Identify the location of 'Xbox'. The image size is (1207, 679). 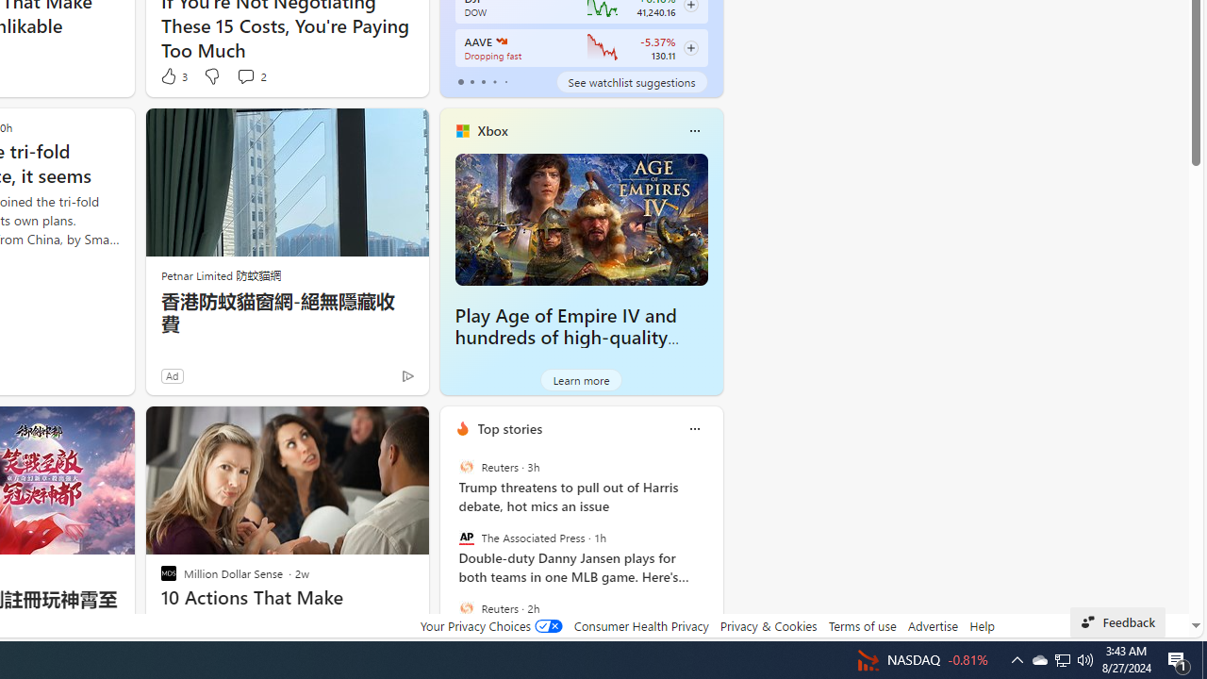
(492, 130).